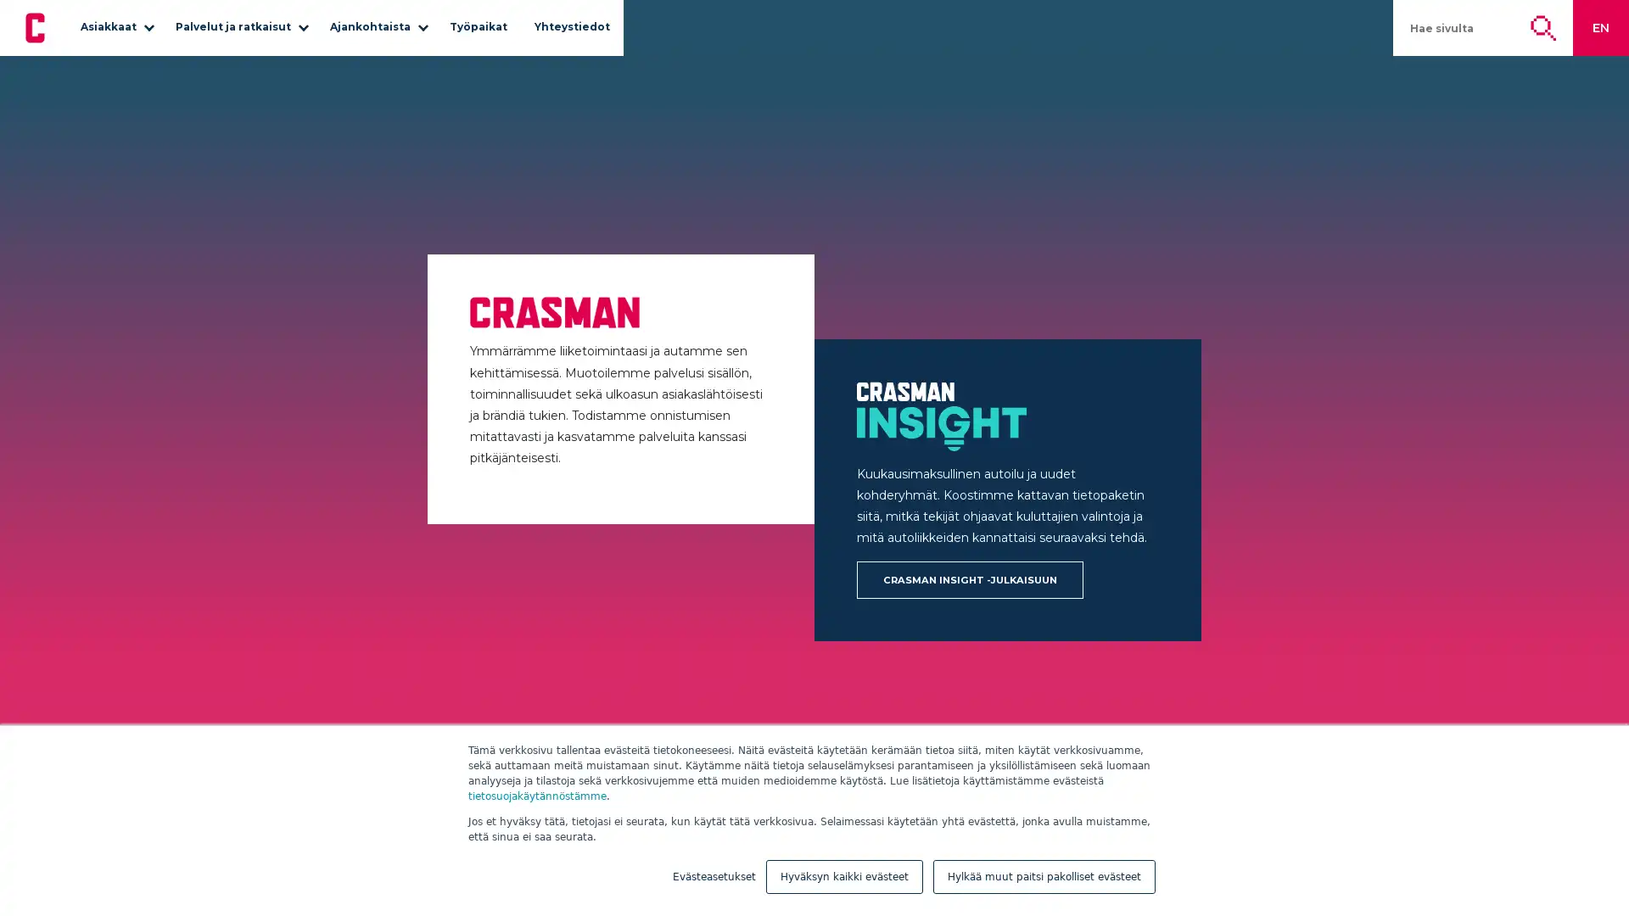 The height and width of the screenshot is (916, 1629). Describe the element at coordinates (1043, 876) in the screenshot. I see `Hylkaa muut paitsi pakolliset evasteet` at that location.